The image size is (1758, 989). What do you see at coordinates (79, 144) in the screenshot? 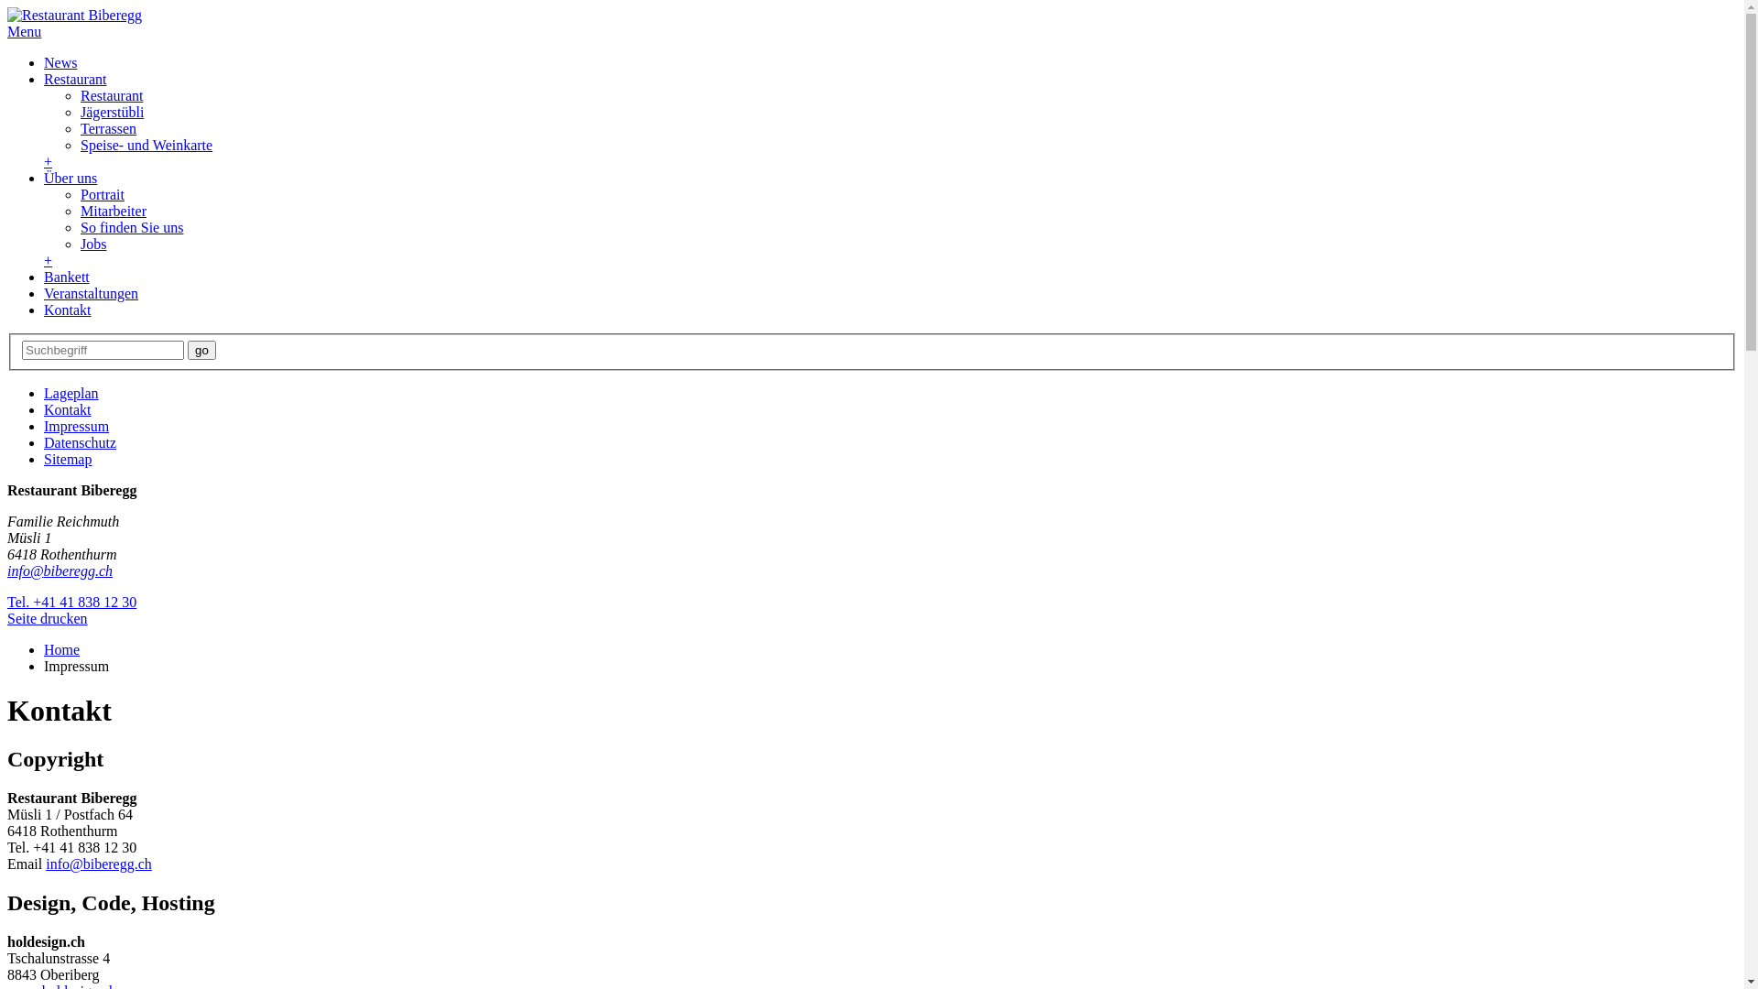
I see `'Speise- und Weinkarte'` at bounding box center [79, 144].